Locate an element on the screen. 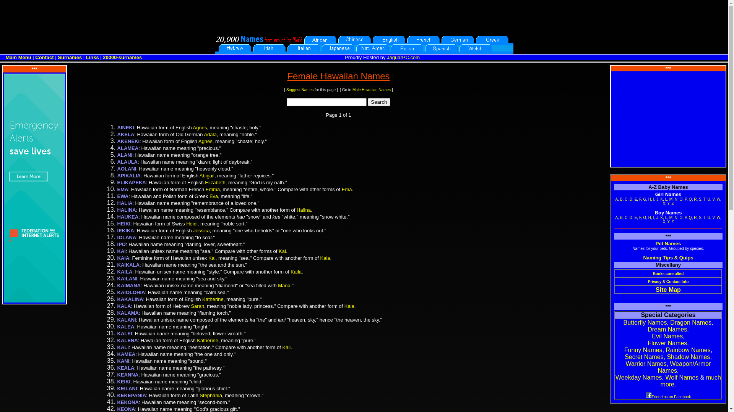 The height and width of the screenshot is (412, 734). 'Secret Names' is located at coordinates (643, 357).